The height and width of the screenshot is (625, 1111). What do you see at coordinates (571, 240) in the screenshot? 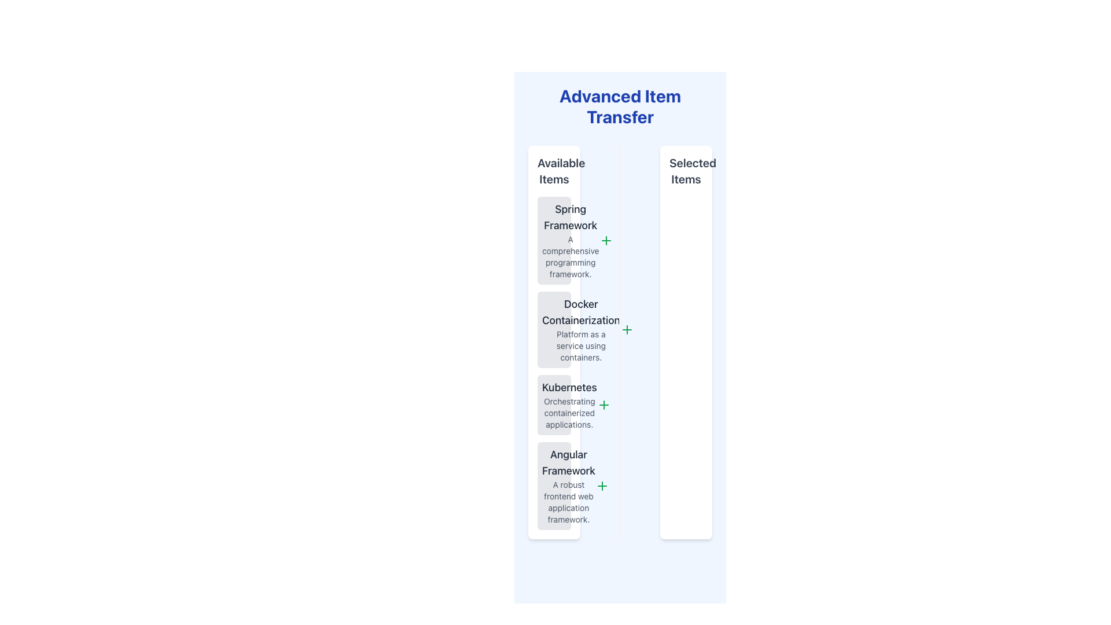
I see `the 'Spring Framework' structured text block in the interactive list for accessibility tools` at bounding box center [571, 240].